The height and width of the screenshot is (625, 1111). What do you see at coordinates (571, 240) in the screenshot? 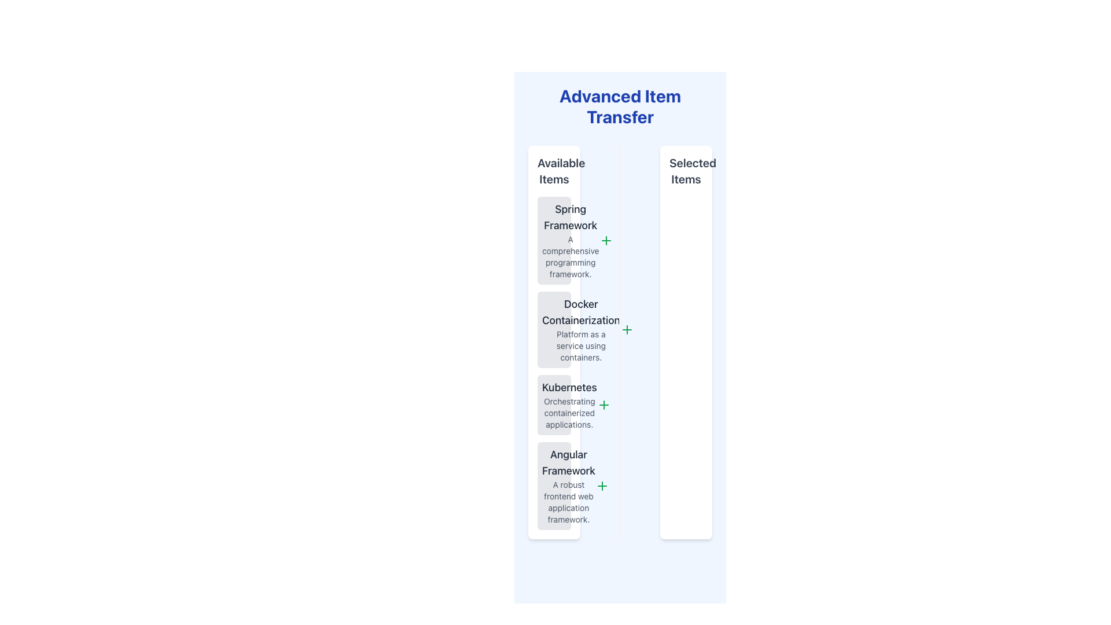
I see `the 'Spring Framework' structured text block in the interactive list for accessibility tools` at bounding box center [571, 240].